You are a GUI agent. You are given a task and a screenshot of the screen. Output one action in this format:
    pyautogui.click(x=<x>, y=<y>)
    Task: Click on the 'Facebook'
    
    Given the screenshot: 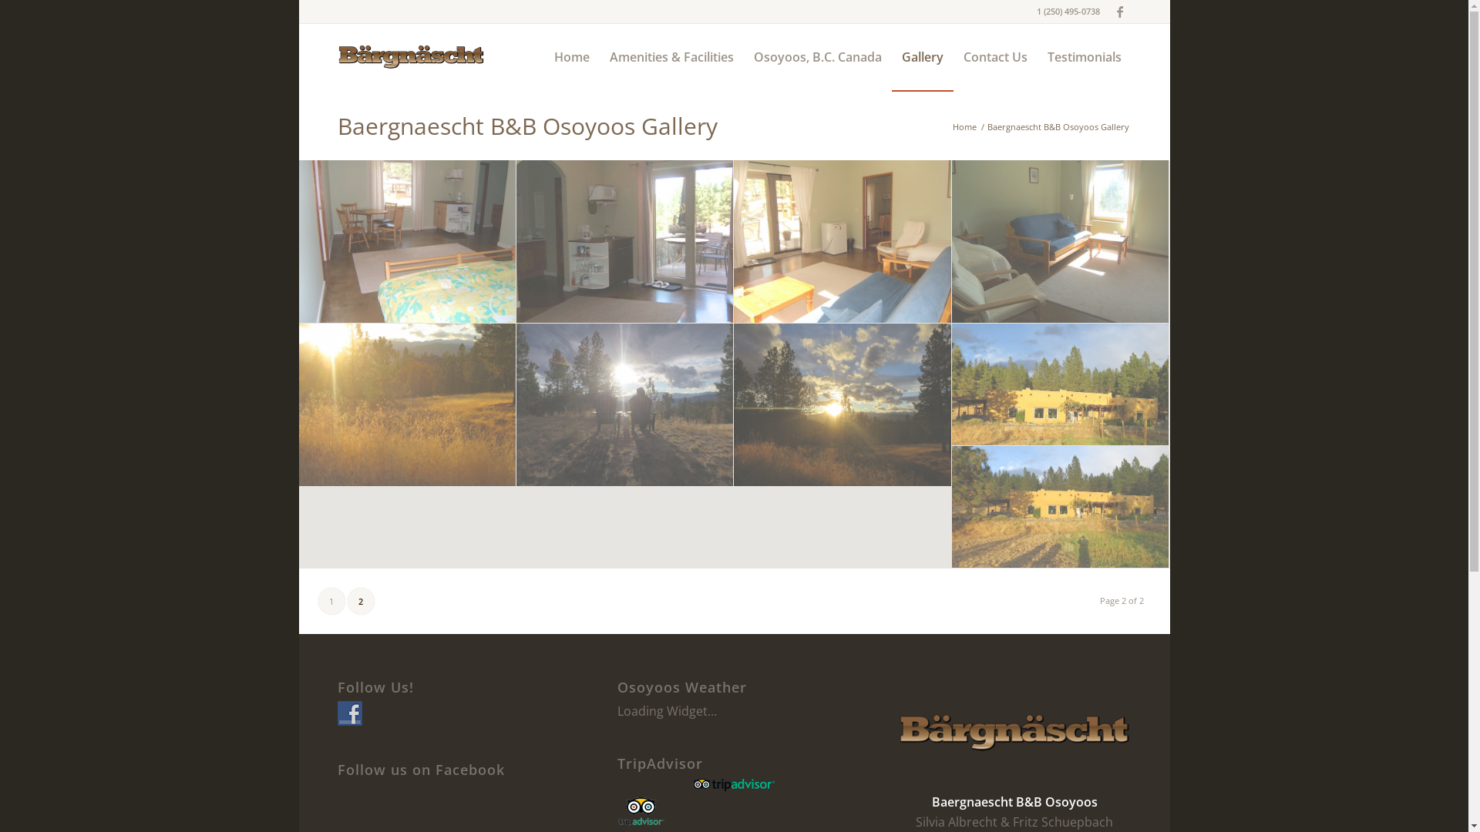 What is the action you would take?
    pyautogui.click(x=1120, y=12)
    